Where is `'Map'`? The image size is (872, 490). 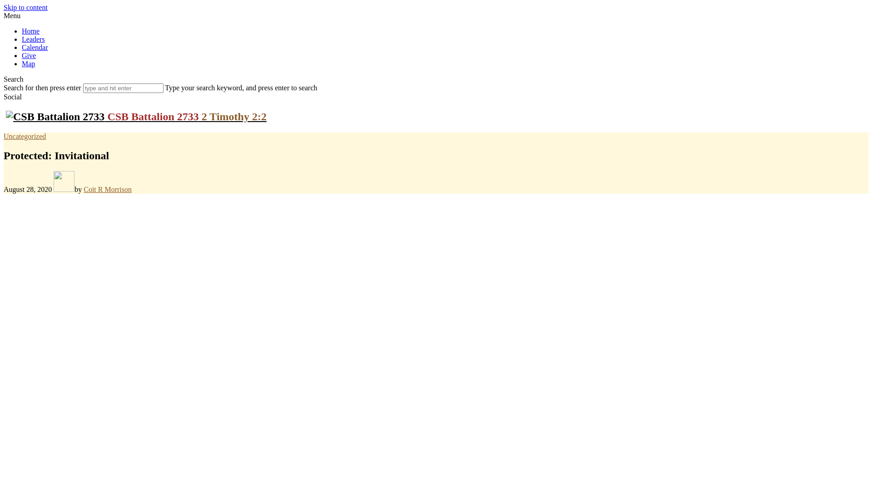
'Map' is located at coordinates (22, 63).